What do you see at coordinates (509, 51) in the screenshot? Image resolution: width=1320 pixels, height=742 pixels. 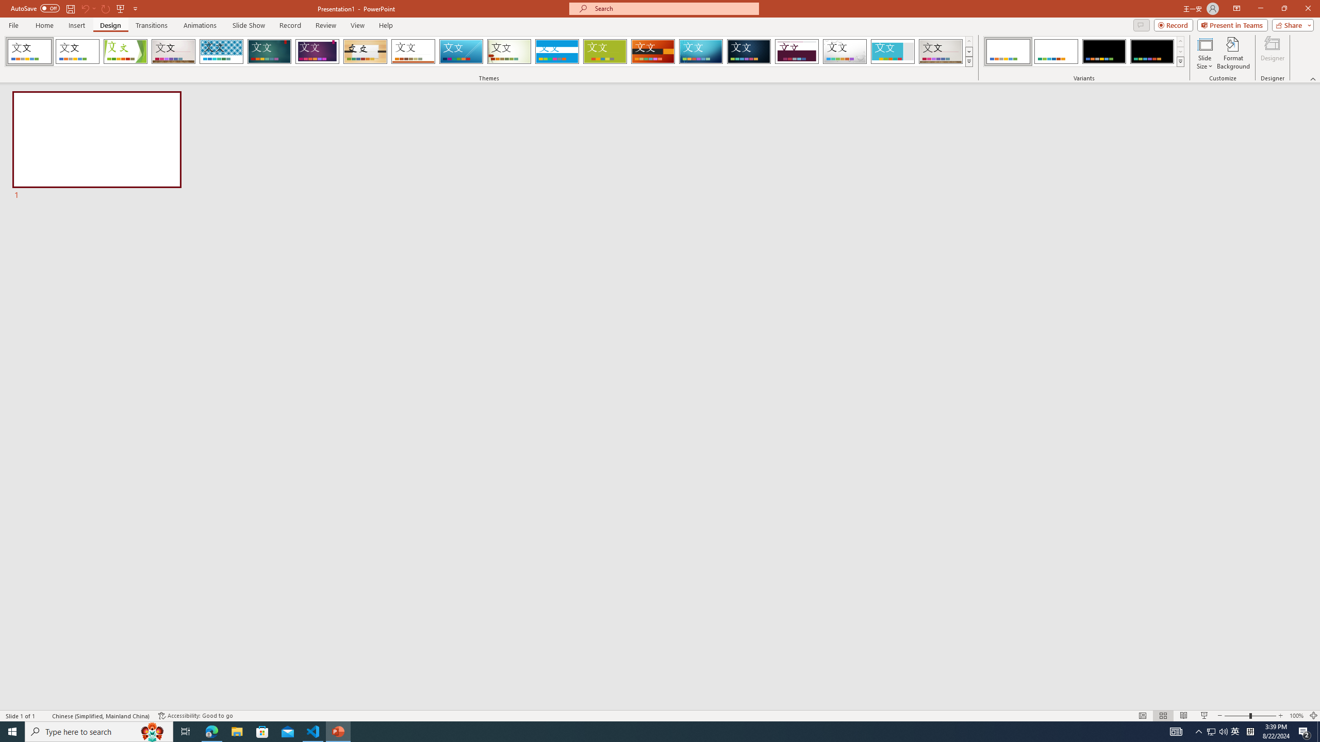 I see `'Wisp Loading Preview...'` at bounding box center [509, 51].